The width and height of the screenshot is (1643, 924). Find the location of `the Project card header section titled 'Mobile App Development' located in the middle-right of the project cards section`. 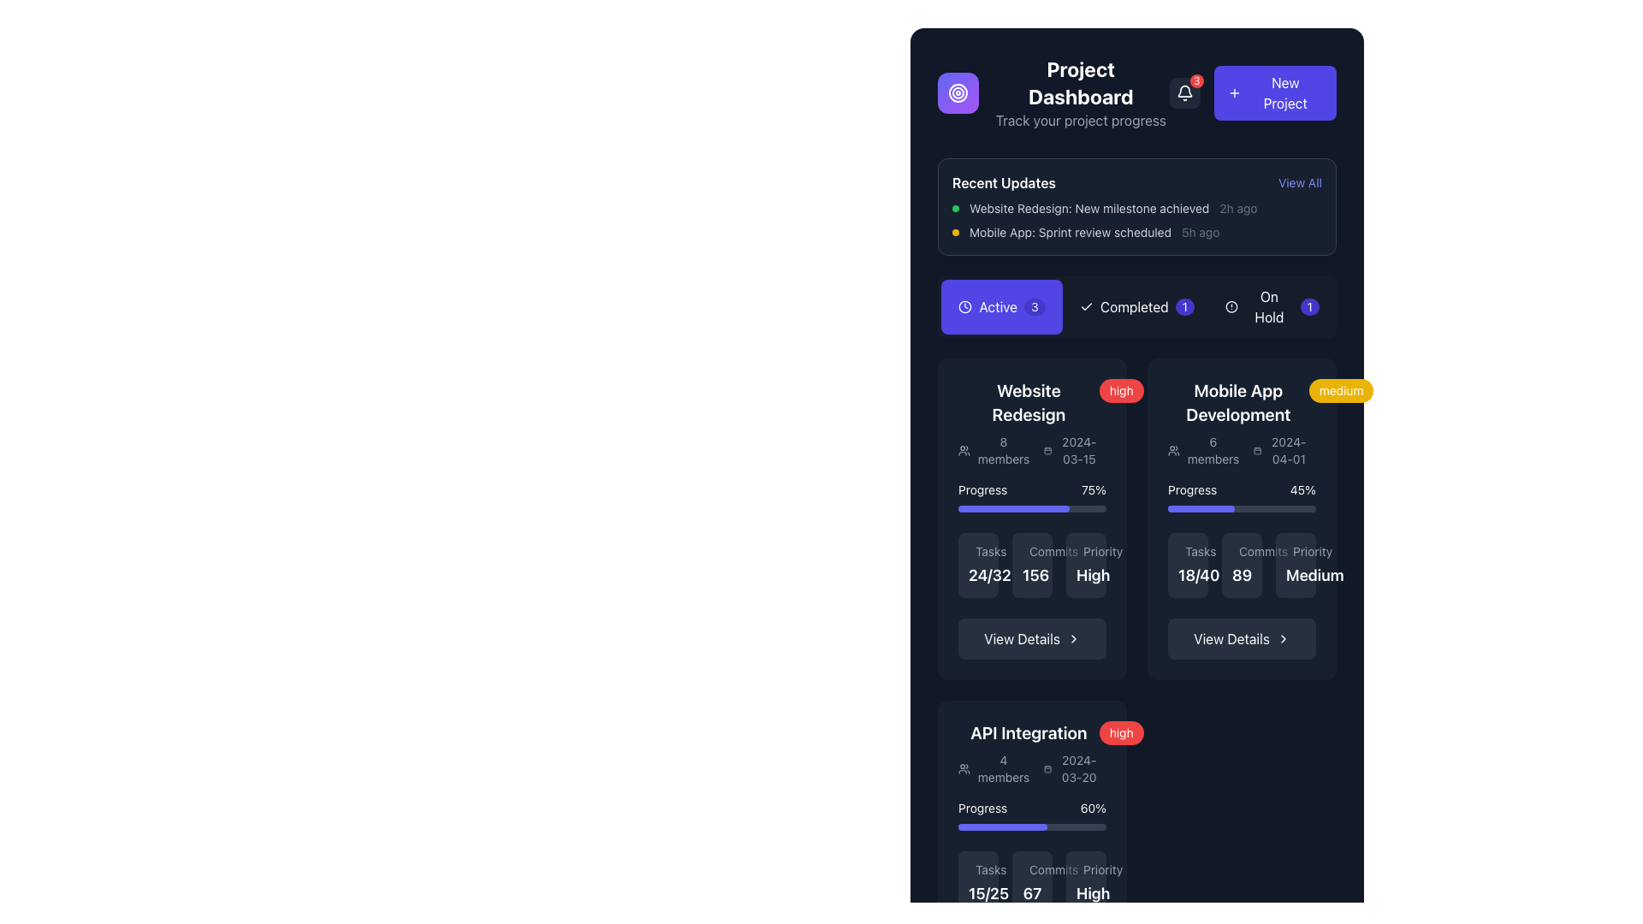

the Project card header section titled 'Mobile App Development' located in the middle-right of the project cards section is located at coordinates (1242, 423).